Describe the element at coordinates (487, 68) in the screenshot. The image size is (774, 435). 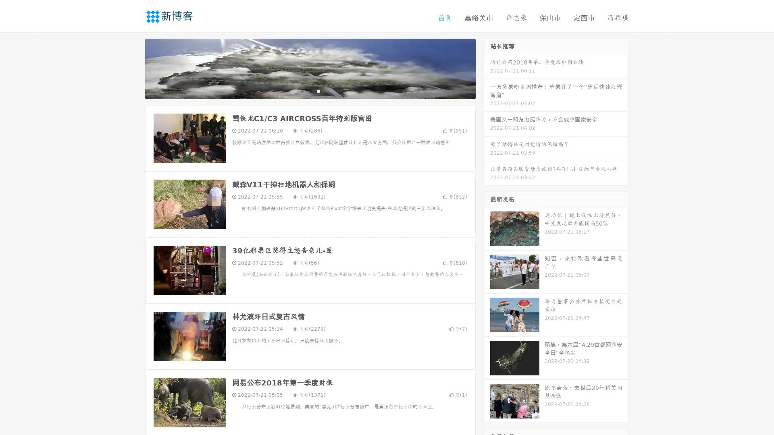
I see `Next slide` at that location.